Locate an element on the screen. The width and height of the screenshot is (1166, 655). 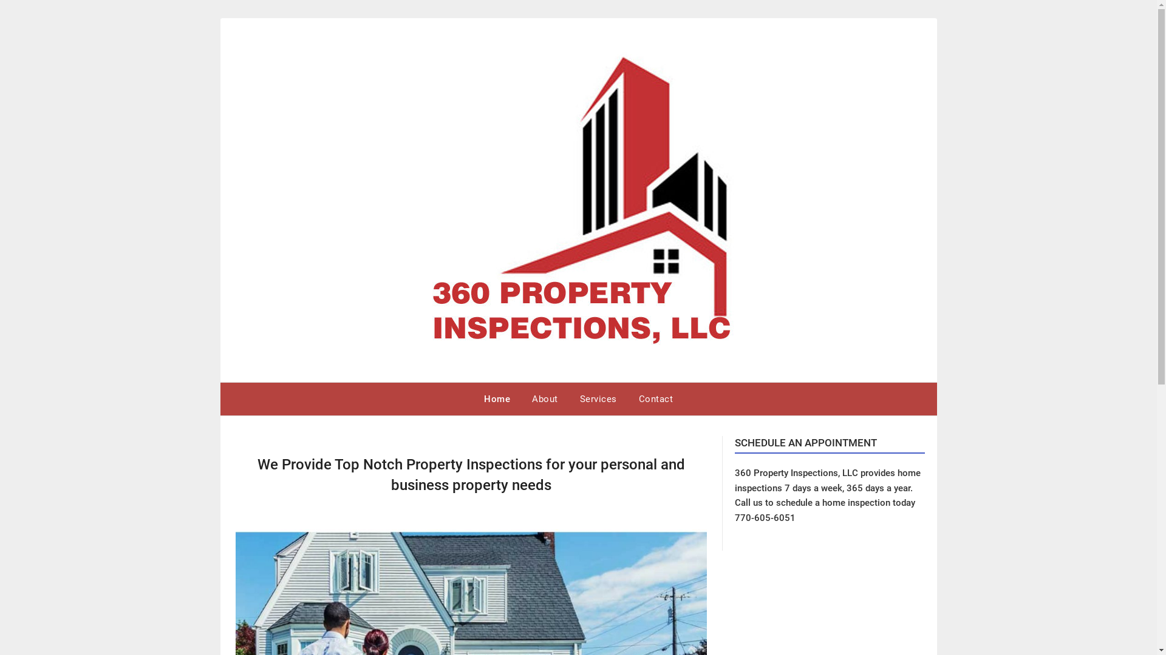
'Home' is located at coordinates (497, 399).